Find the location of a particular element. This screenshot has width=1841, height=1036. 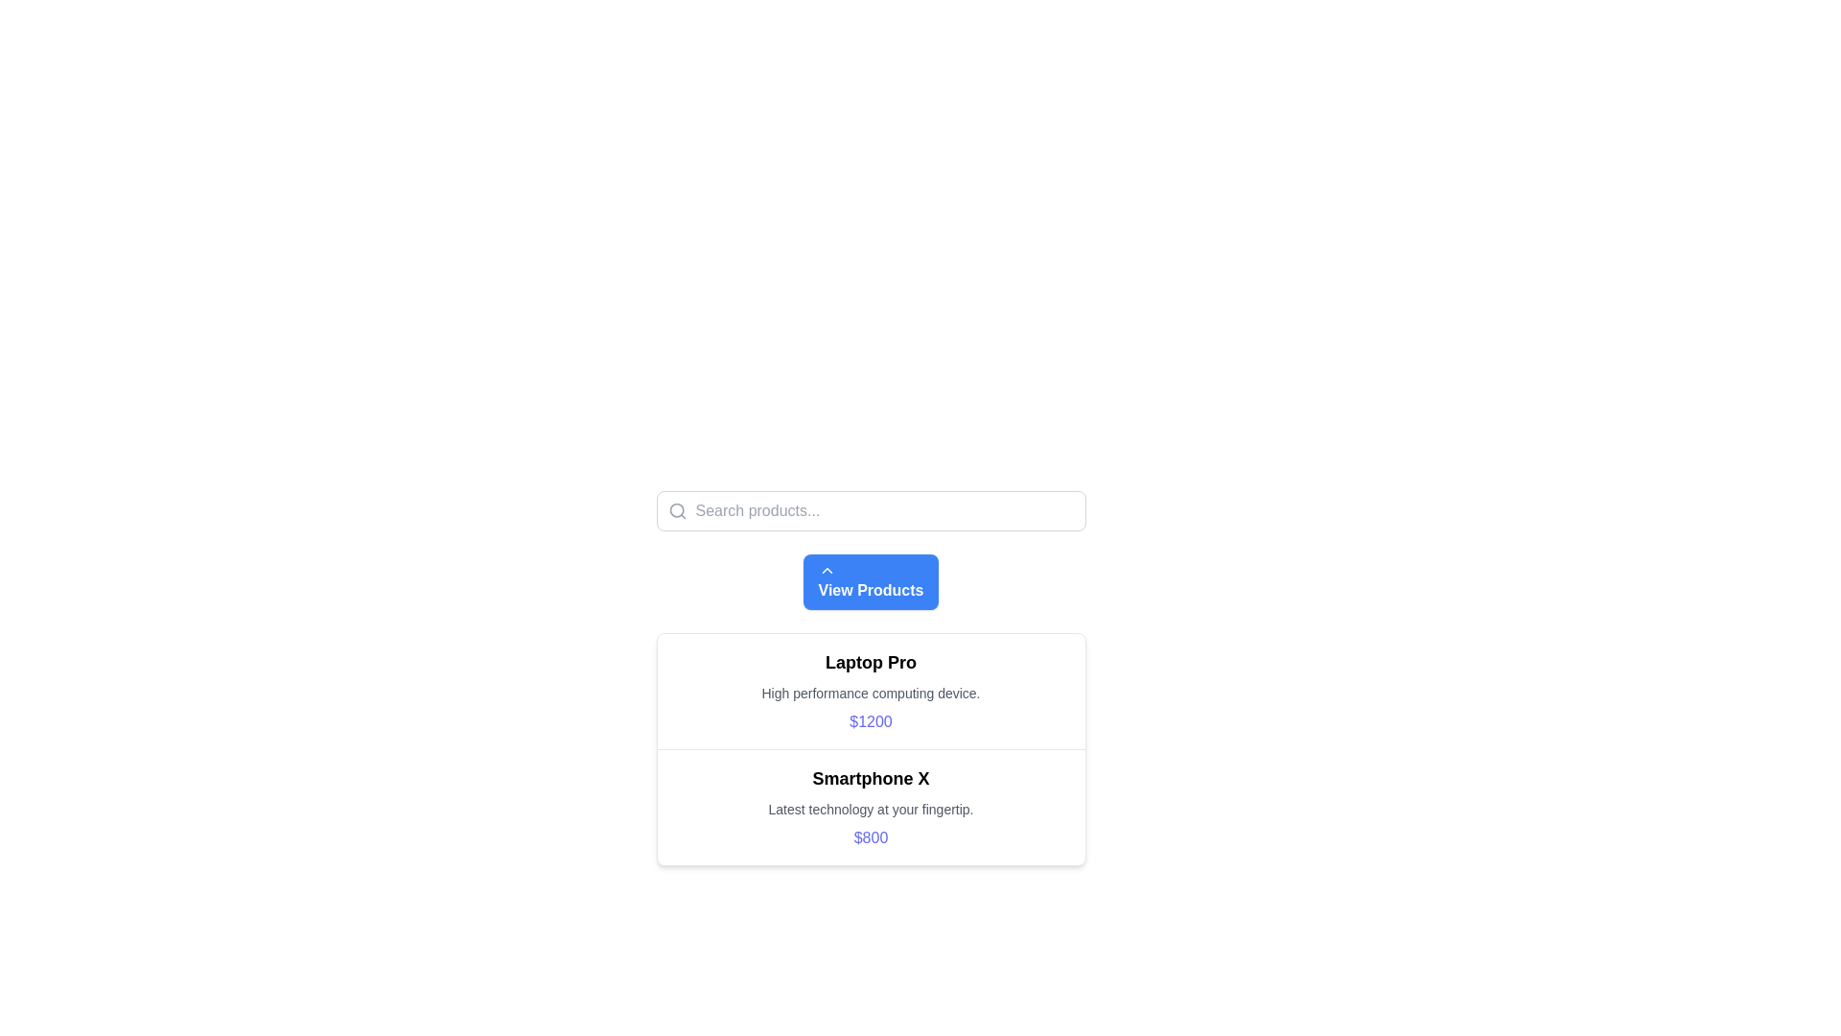

small upward-facing chevron icon located at the upper-central part of the 'View Products' button is located at coordinates (827, 569).